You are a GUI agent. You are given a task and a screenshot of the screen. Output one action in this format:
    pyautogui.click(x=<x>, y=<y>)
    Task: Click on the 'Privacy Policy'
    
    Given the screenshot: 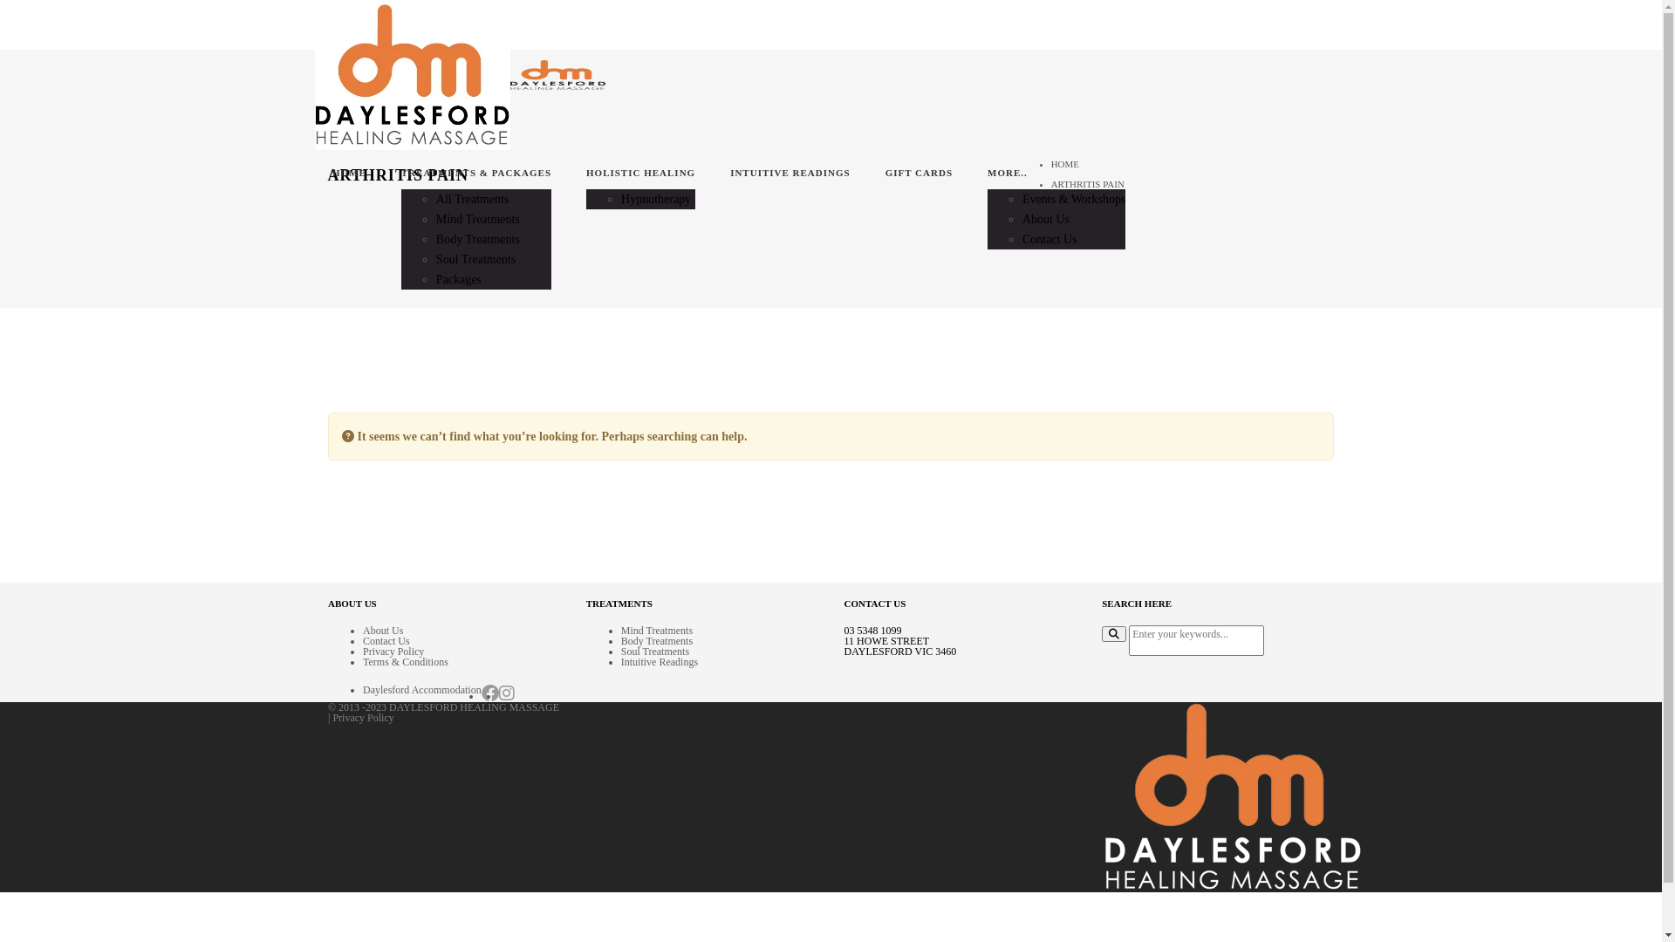 What is the action you would take?
    pyautogui.click(x=393, y=652)
    